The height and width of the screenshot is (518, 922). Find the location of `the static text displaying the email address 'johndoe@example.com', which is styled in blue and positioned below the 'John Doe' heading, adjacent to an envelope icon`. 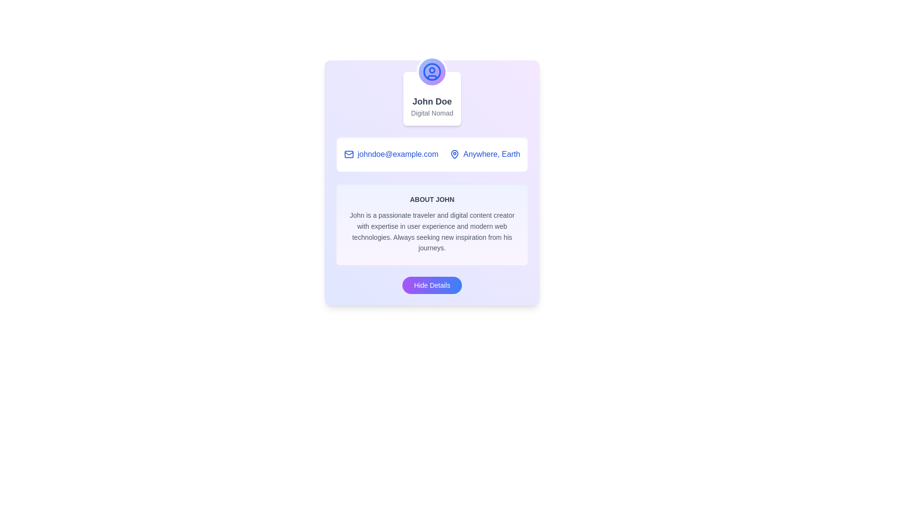

the static text displaying the email address 'johndoe@example.com', which is styled in blue and positioned below the 'John Doe' heading, adjacent to an envelope icon is located at coordinates (398, 153).